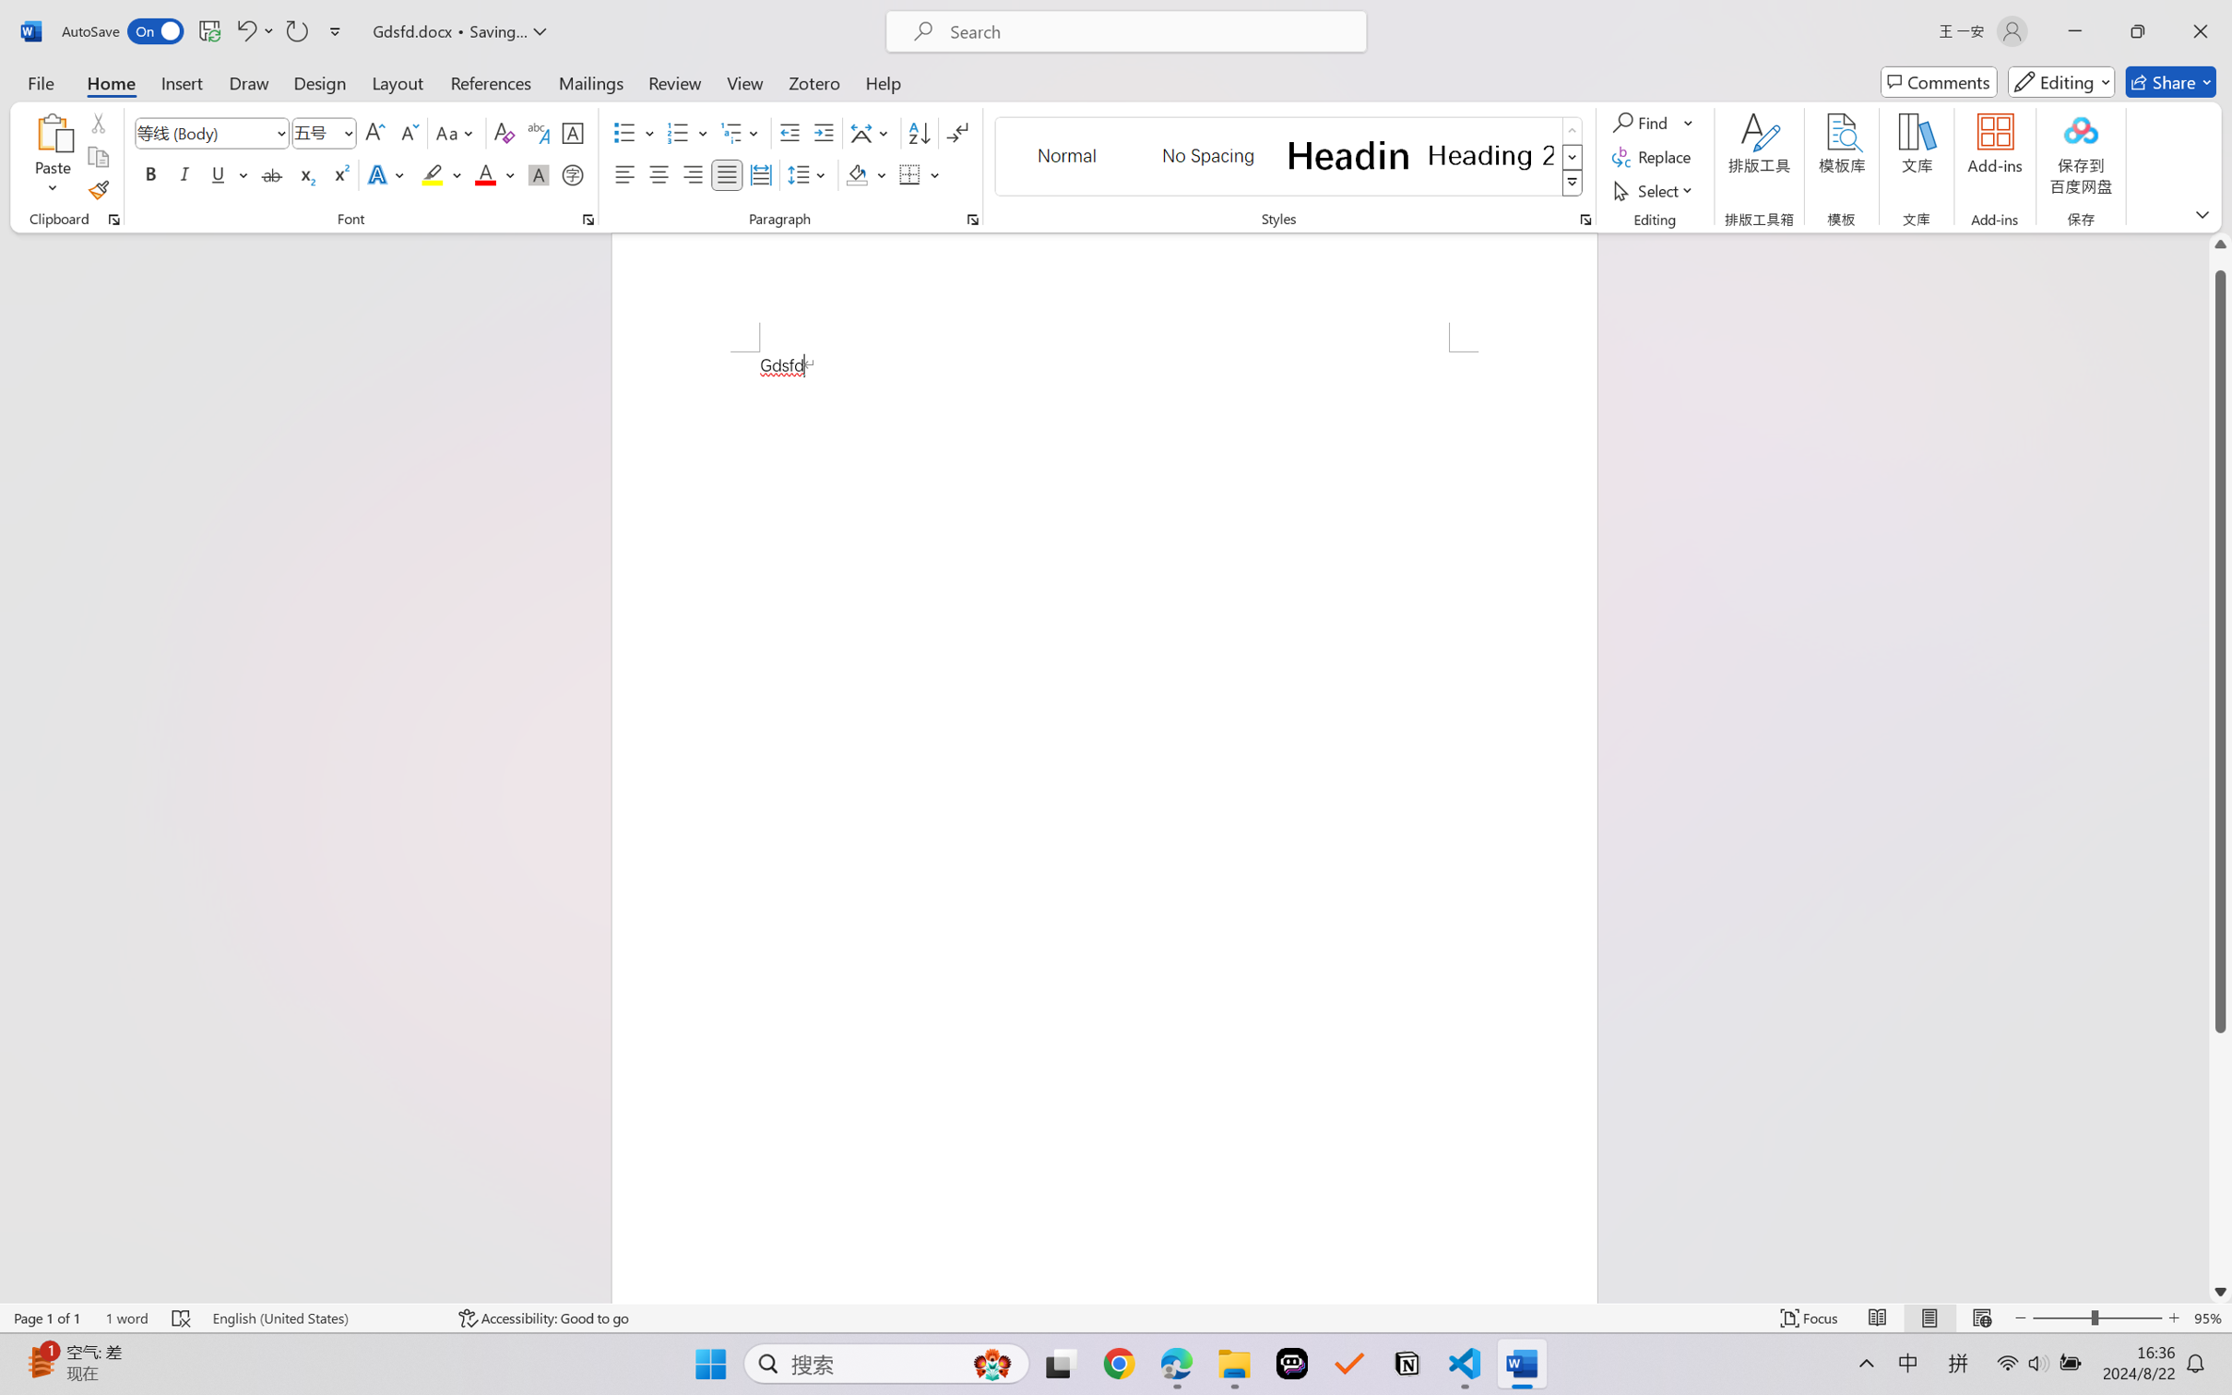 The height and width of the screenshot is (1395, 2232). Describe the element at coordinates (338, 173) in the screenshot. I see `'Superscript'` at that location.